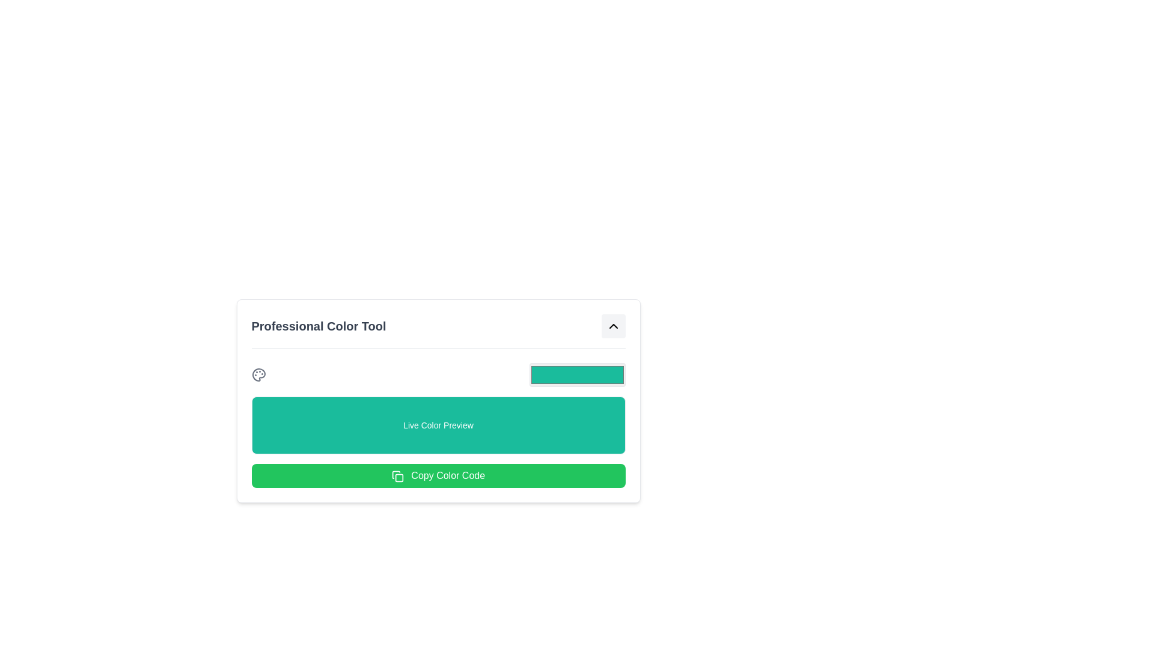 The image size is (1154, 649). Describe the element at coordinates (397, 475) in the screenshot. I see `the 'Copy Color Code' button, which contains the copy icon on its right side, to copy the color code to the clipboard` at that location.